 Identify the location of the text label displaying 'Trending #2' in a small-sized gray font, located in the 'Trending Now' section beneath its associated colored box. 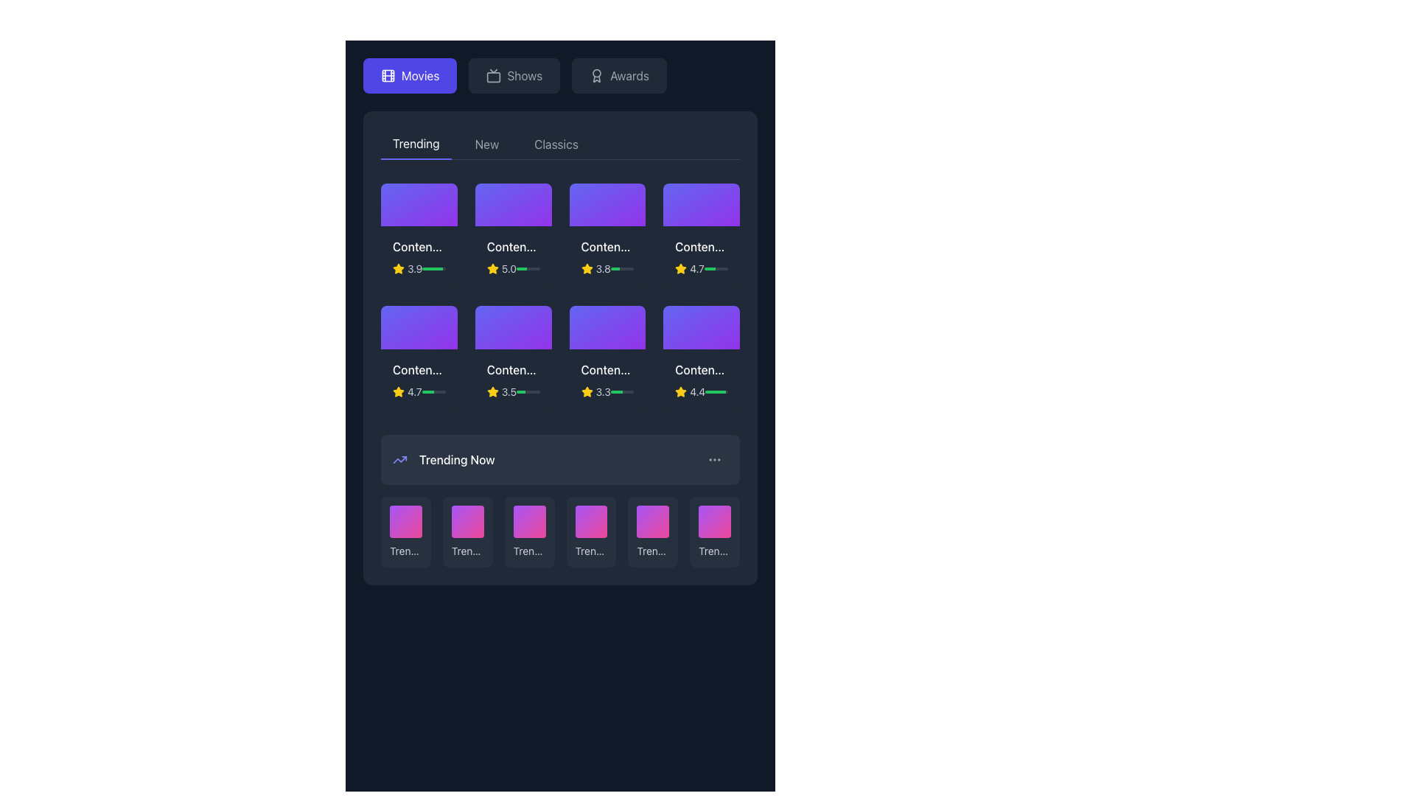
(467, 551).